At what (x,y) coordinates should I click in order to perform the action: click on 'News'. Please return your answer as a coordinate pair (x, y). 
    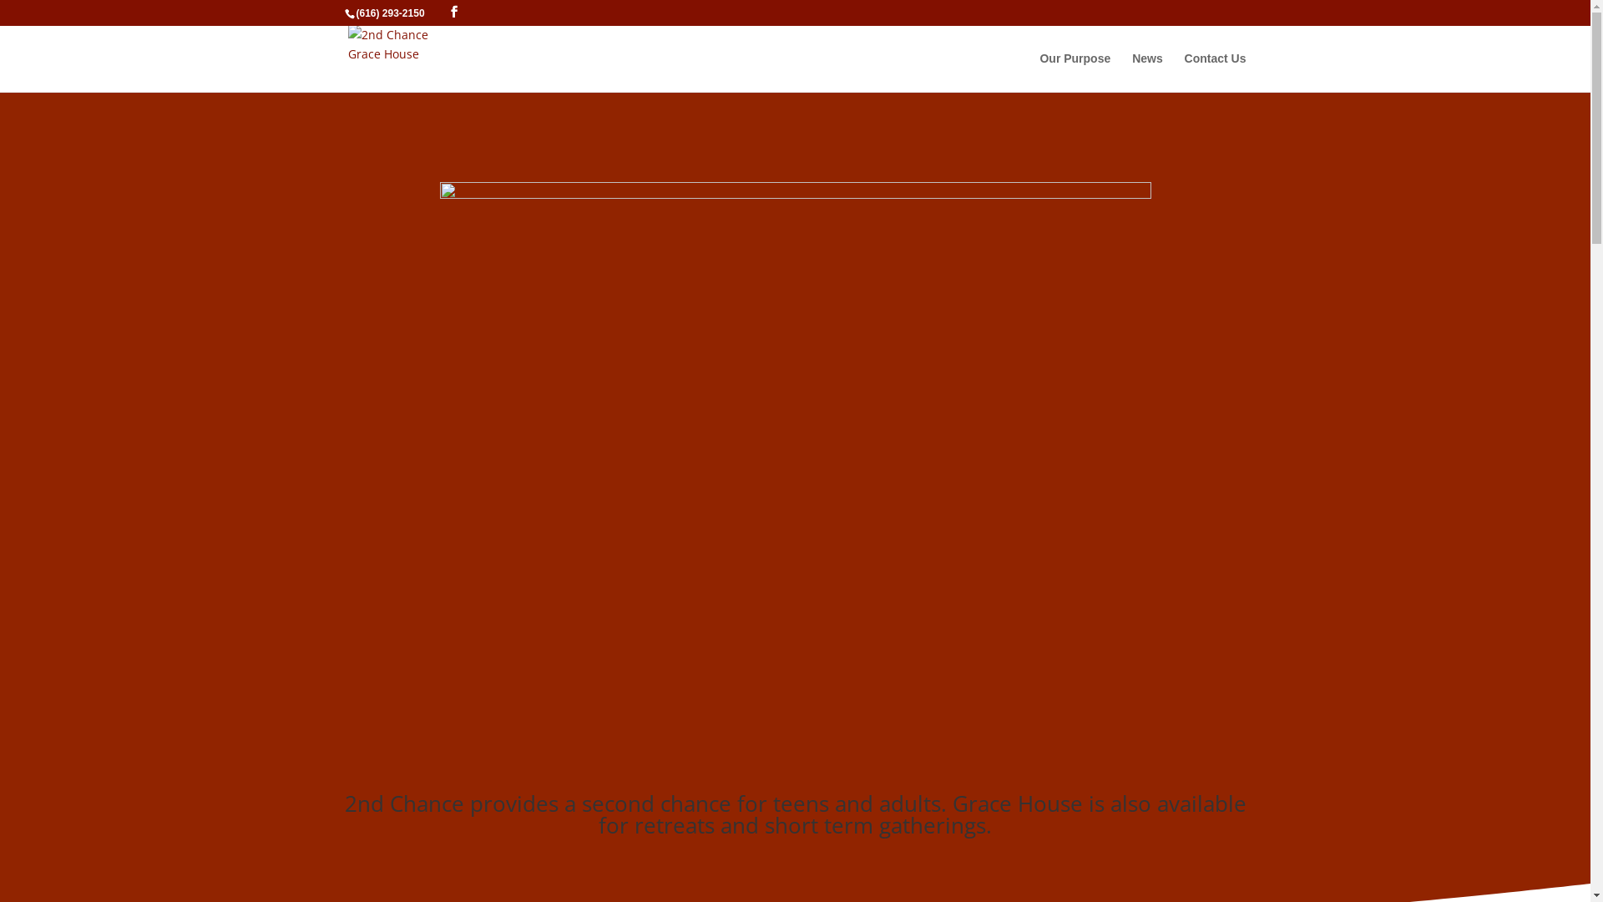
    Looking at the image, I should click on (1146, 71).